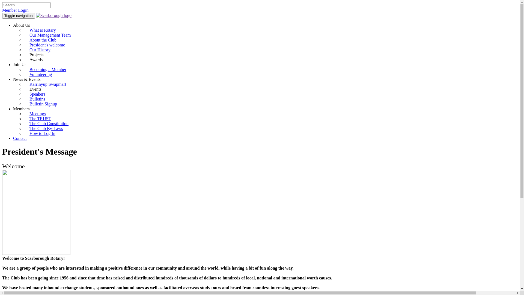 This screenshot has height=295, width=524. Describe the element at coordinates (20, 64) in the screenshot. I see `'Join Us'` at that location.